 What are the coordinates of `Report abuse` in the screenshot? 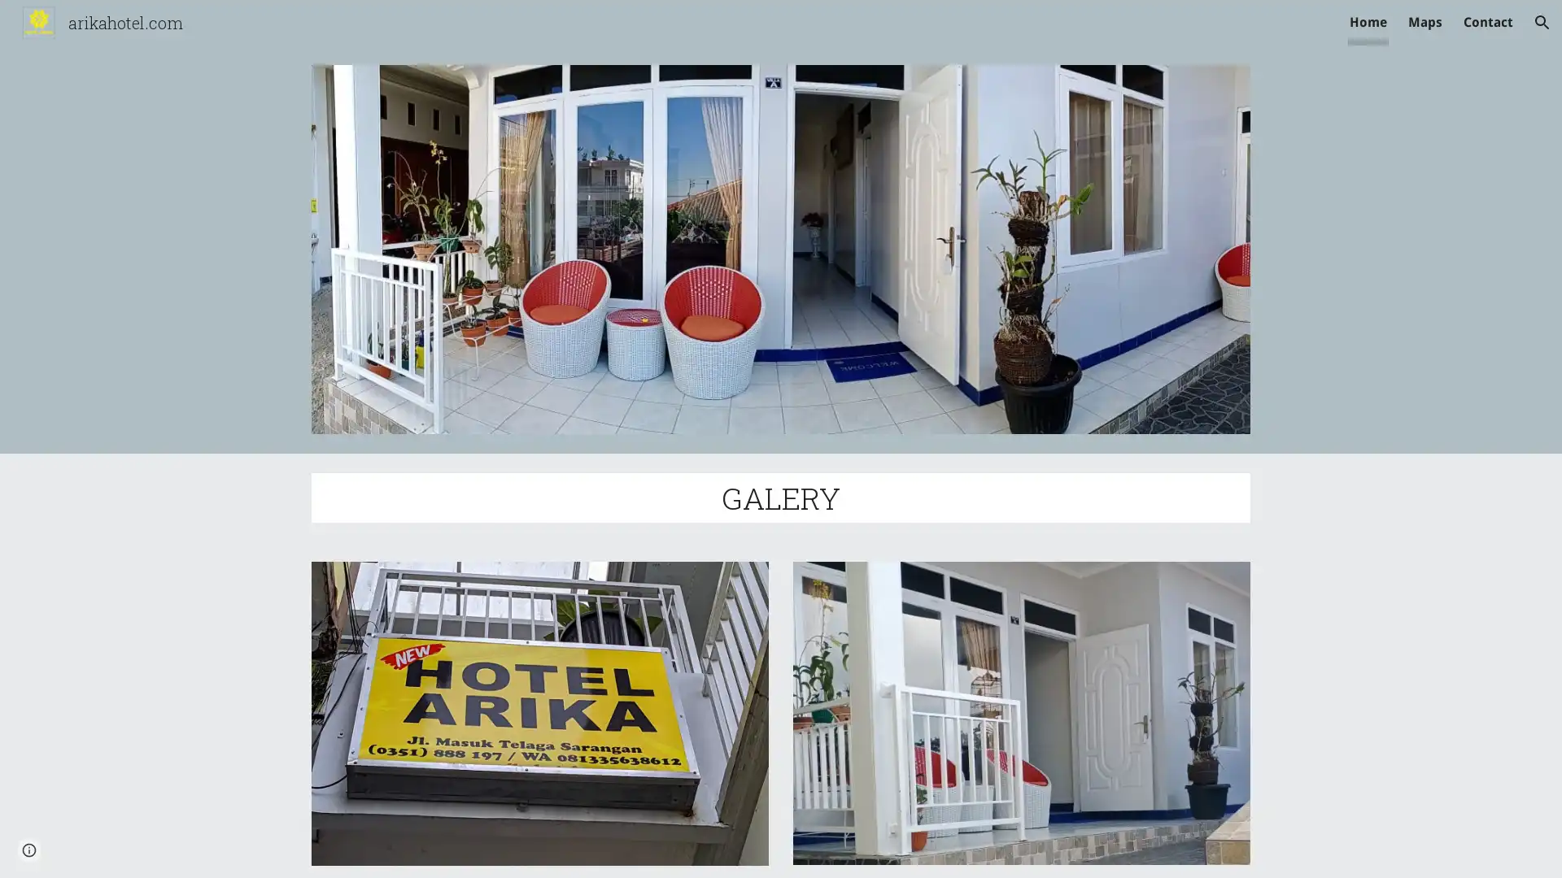 It's located at (195, 849).